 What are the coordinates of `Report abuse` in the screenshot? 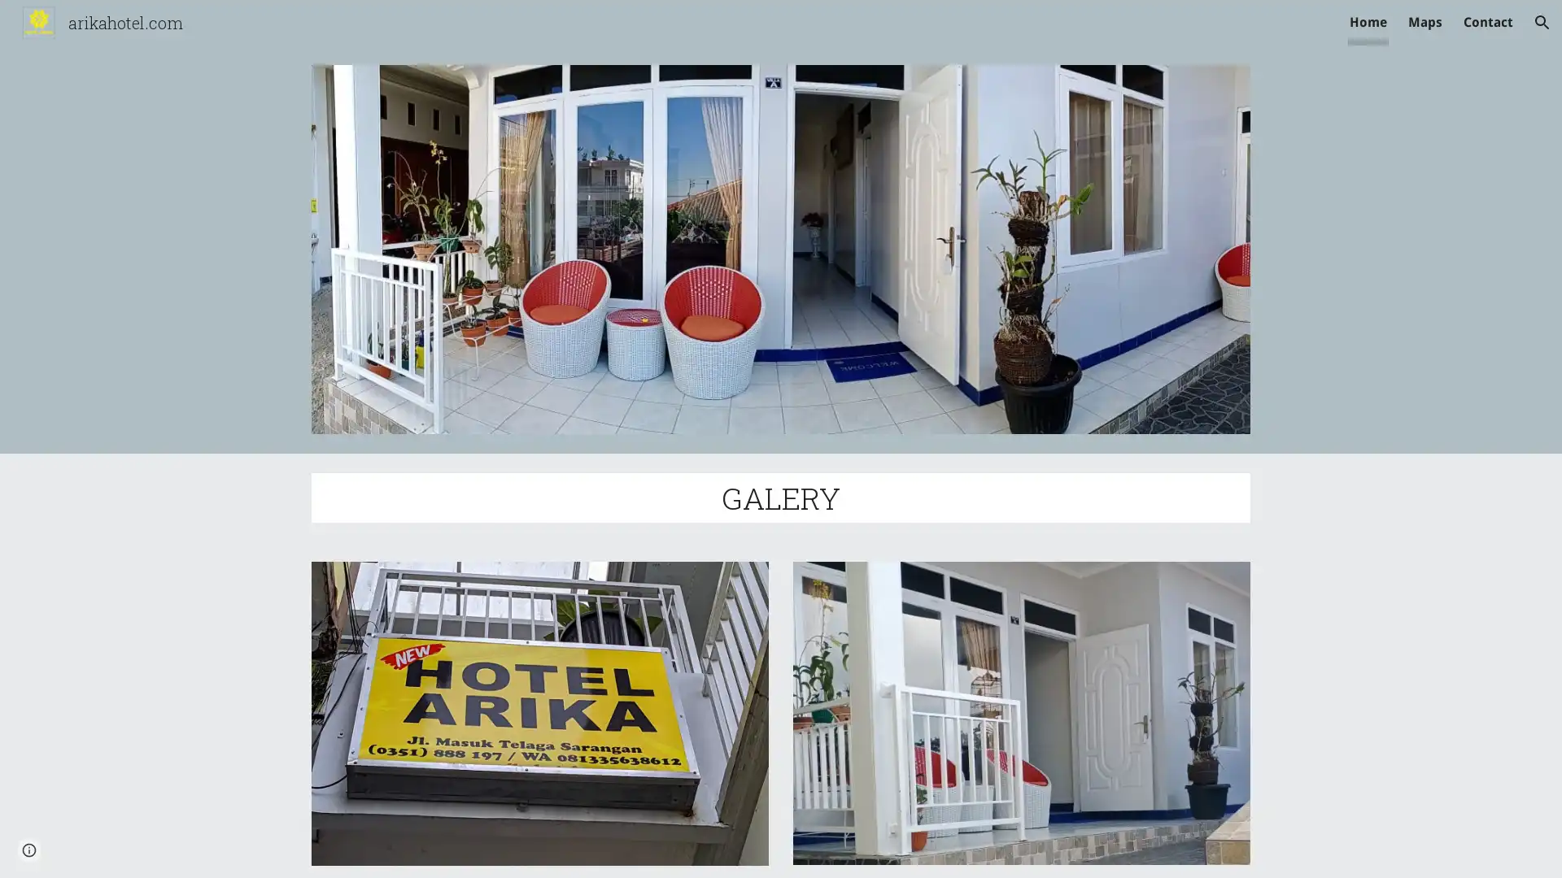 It's located at (195, 849).